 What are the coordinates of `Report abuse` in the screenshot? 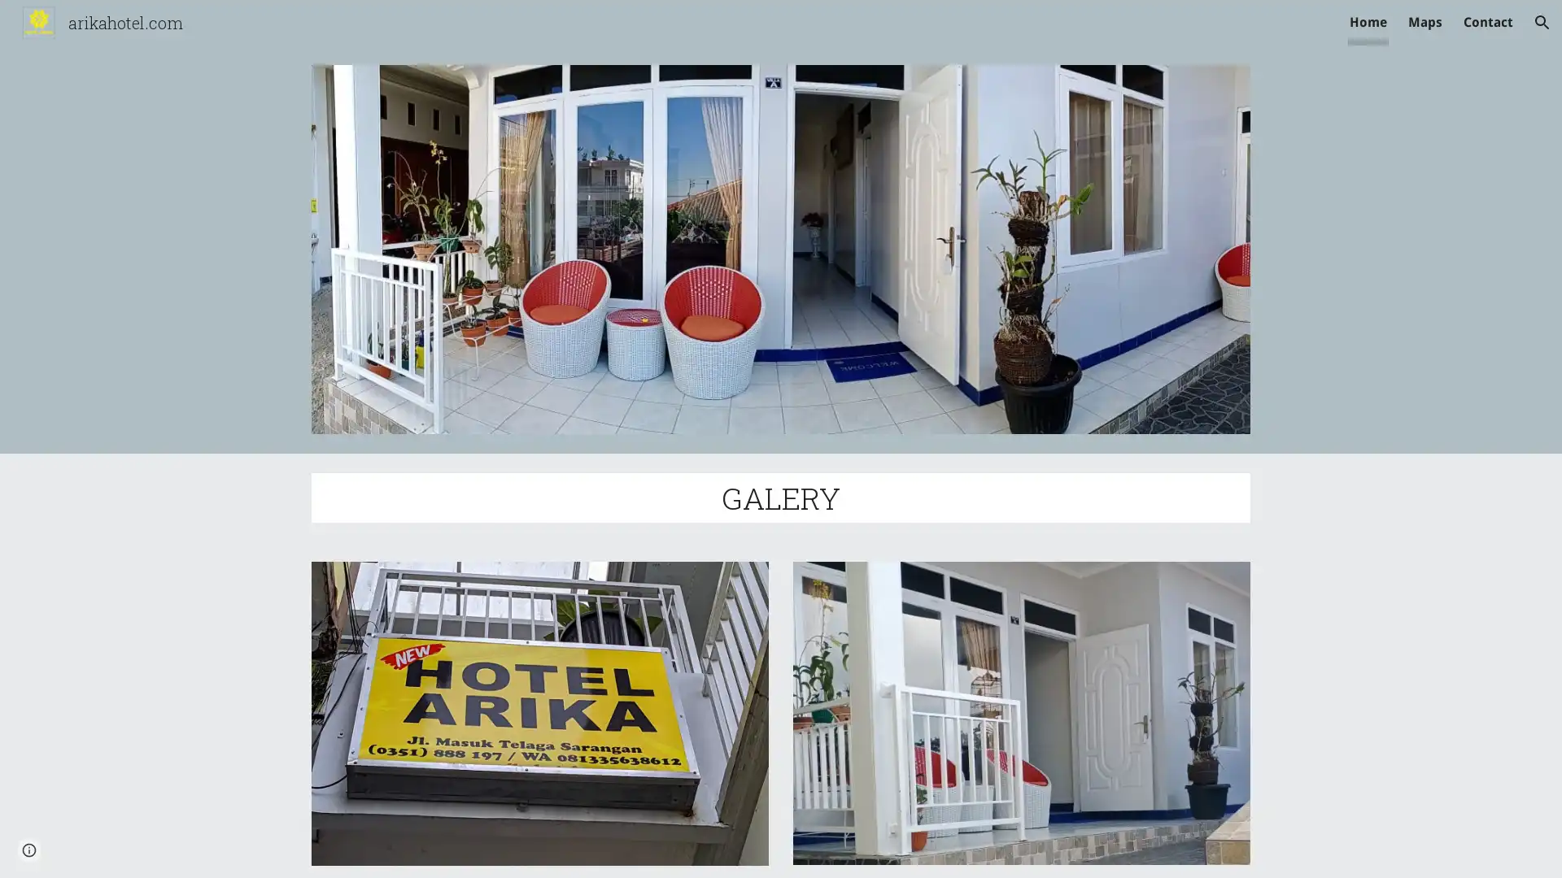 It's located at (195, 849).